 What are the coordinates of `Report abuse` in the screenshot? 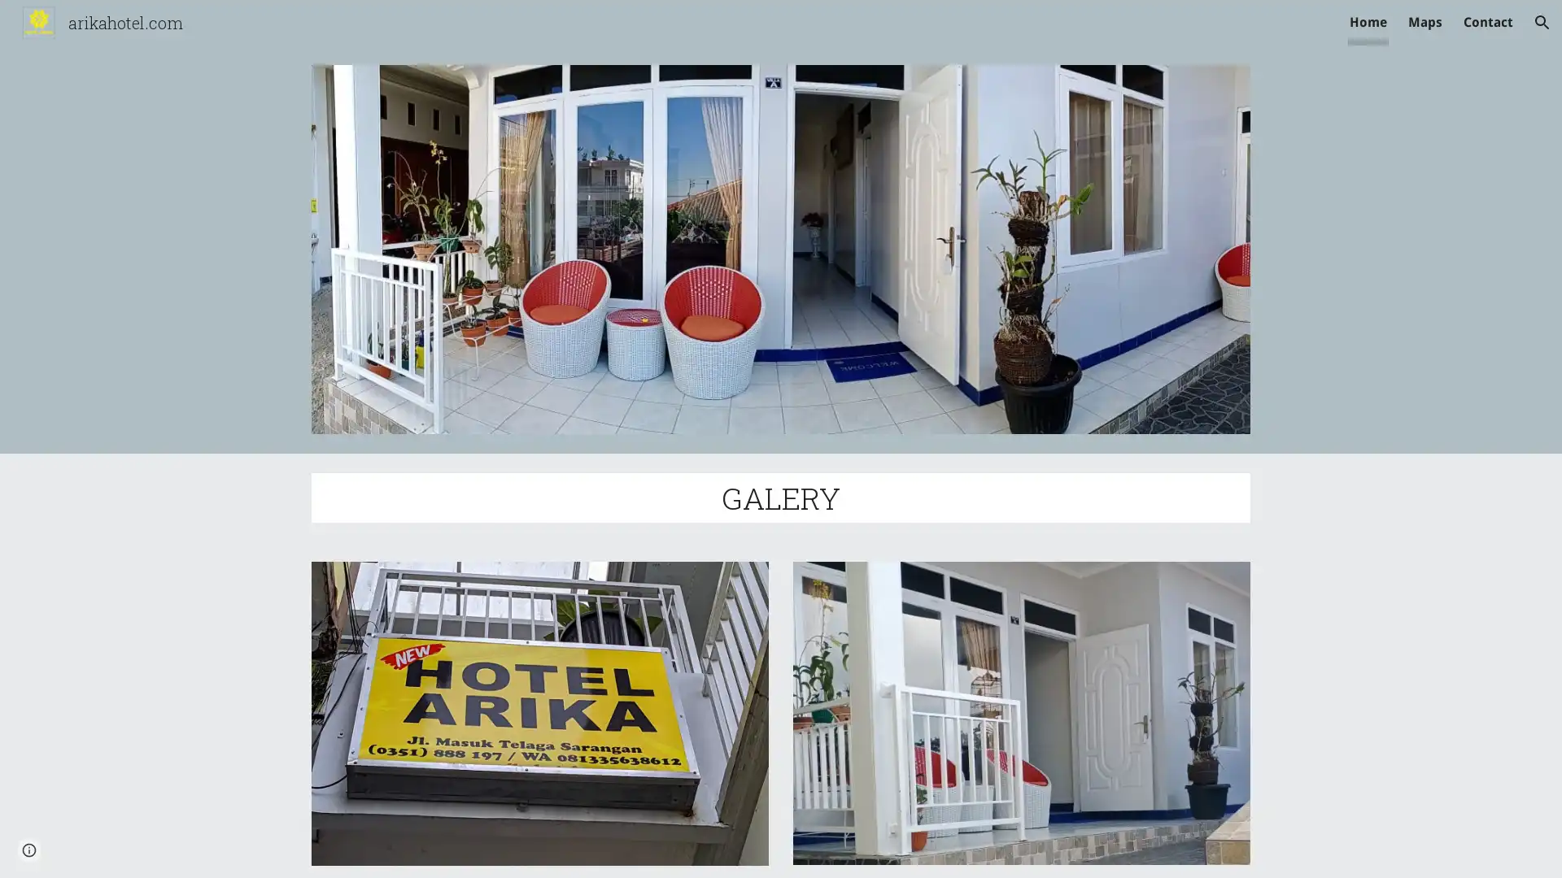 It's located at (195, 849).